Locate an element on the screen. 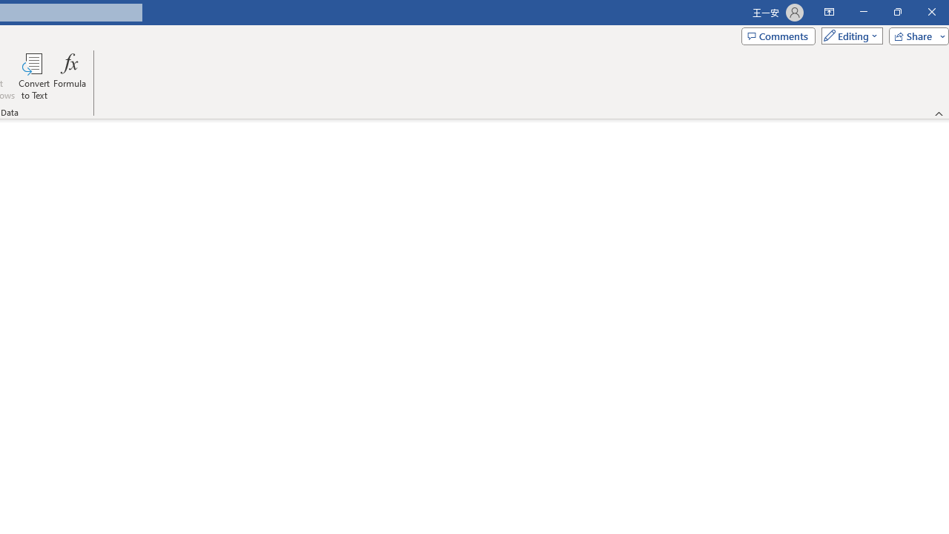 This screenshot has height=534, width=949. 'Convert to Text...' is located at coordinates (34, 76).